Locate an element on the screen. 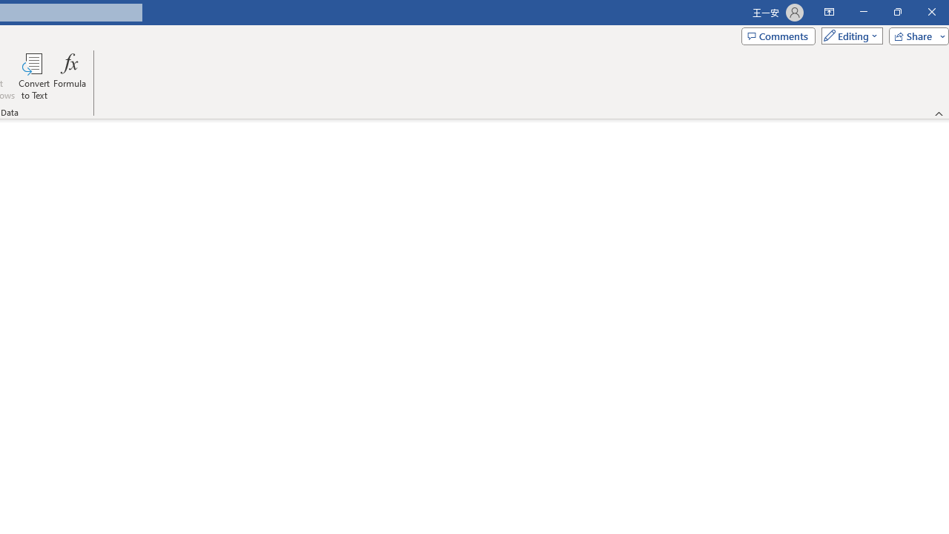 This screenshot has height=534, width=949. 'Convert to Text...' is located at coordinates (34, 76).